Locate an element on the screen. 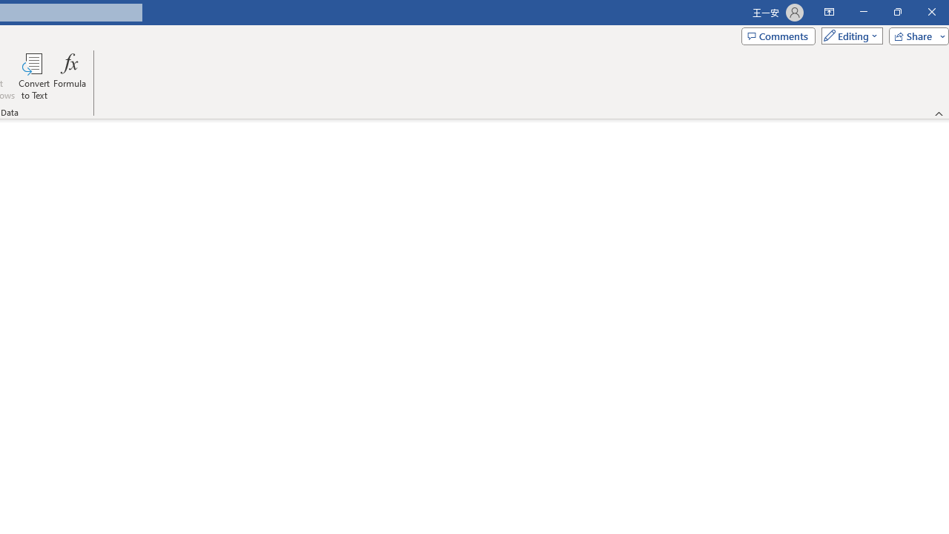 This screenshot has height=534, width=949. 'Convert to Text...' is located at coordinates (34, 76).